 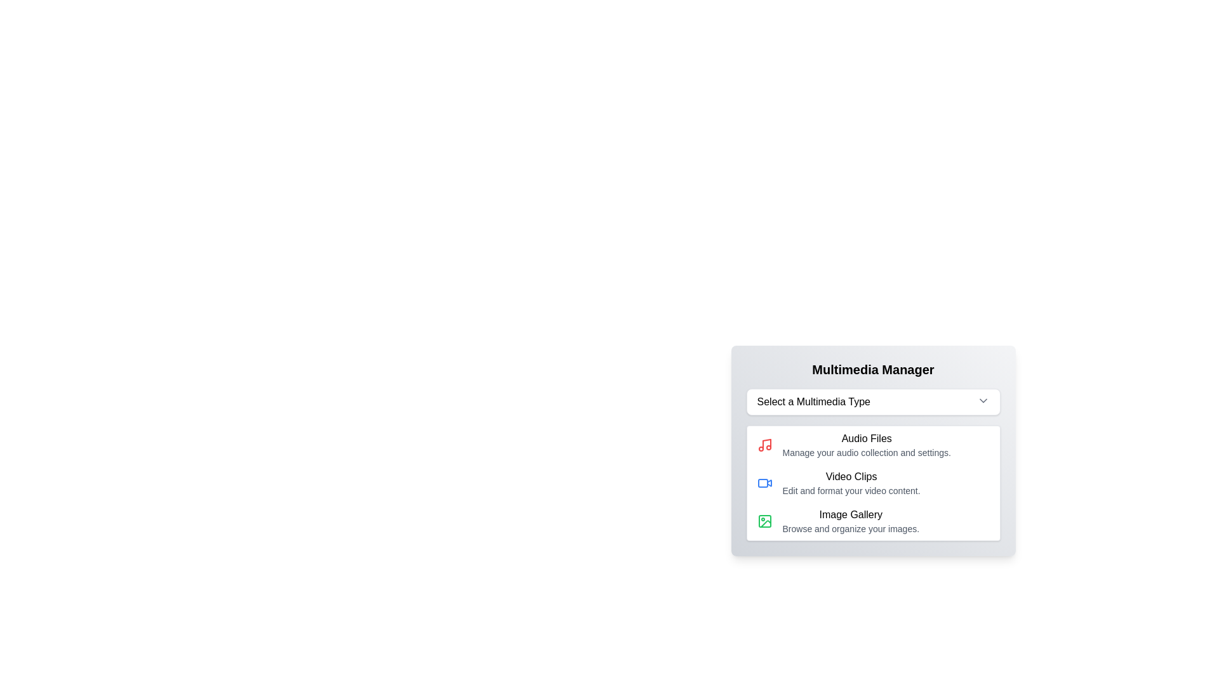 I want to click on the 'Image Gallery' button, which features a green icon representing an image and is located in the 'Multimedia Manager' panel as the third item in the list, so click(x=872, y=521).